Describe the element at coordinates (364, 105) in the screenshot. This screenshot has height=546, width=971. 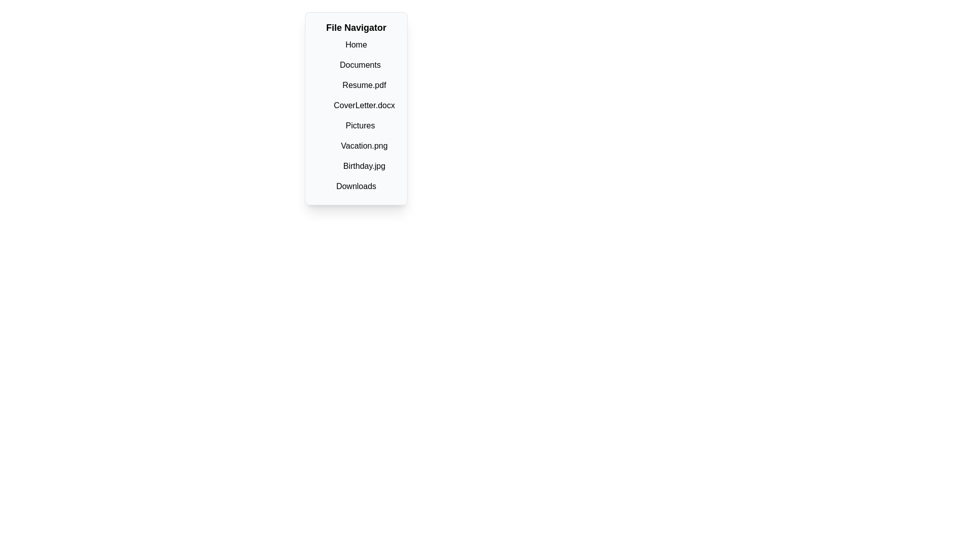
I see `the Text Label representing the file 'CoverLetter.docx' in the File Navigator list` at that location.